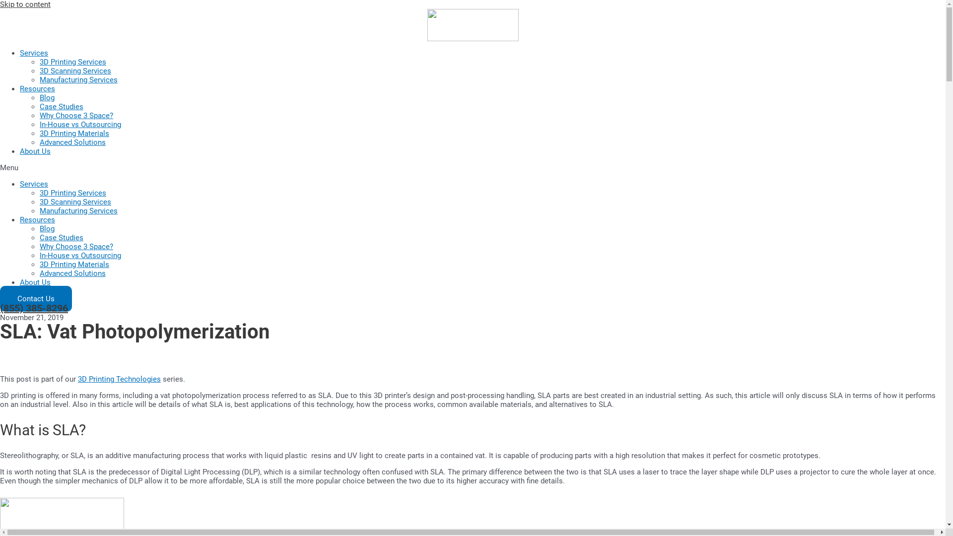 This screenshot has height=536, width=953. Describe the element at coordinates (78, 79) in the screenshot. I see `'Manufacturing Services'` at that location.